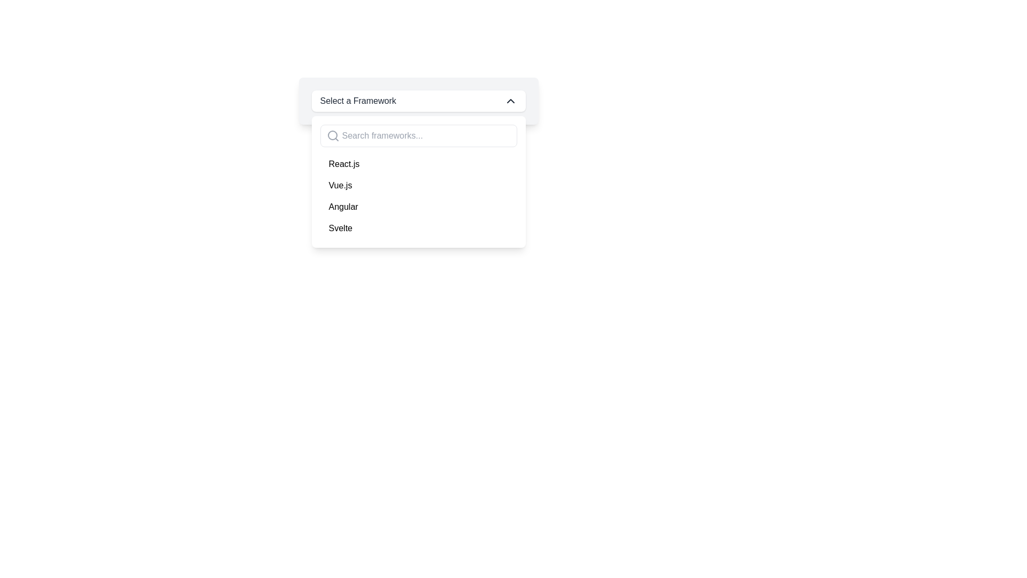 Image resolution: width=1027 pixels, height=578 pixels. I want to click on the 'Angular' option in the dropdown menu, which is the third item below the 'Select a Framework' title, located between 'Vue.js' and 'Svelte', so click(418, 207).